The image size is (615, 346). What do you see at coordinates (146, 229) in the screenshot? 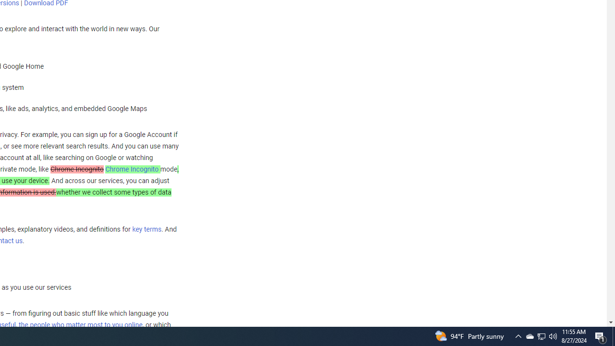
I see `'key terms'` at bounding box center [146, 229].